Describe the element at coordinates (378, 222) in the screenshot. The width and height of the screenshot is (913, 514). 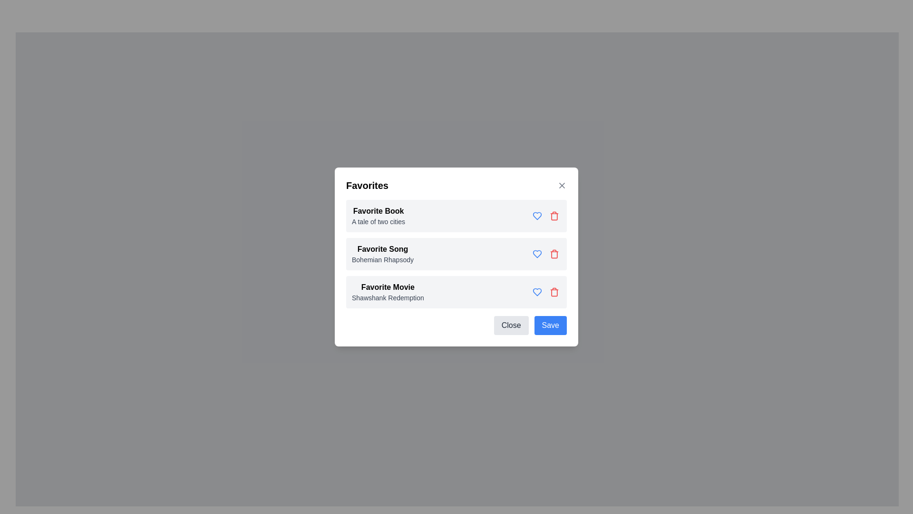
I see `the static text label that provides additional information about the user's selected favorite book, located below the 'Favorite Book' label in the 'Favorites' section` at that location.